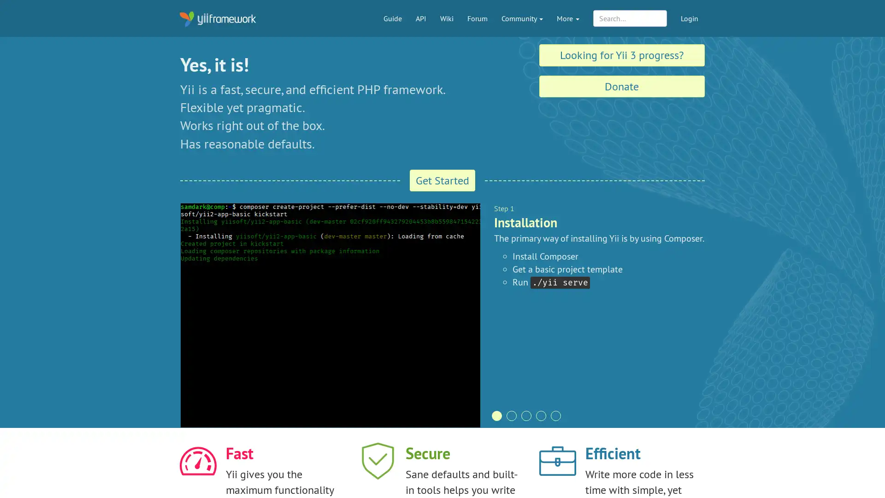 This screenshot has height=498, width=885. What do you see at coordinates (555, 416) in the screenshot?
I see `pagination` at bounding box center [555, 416].